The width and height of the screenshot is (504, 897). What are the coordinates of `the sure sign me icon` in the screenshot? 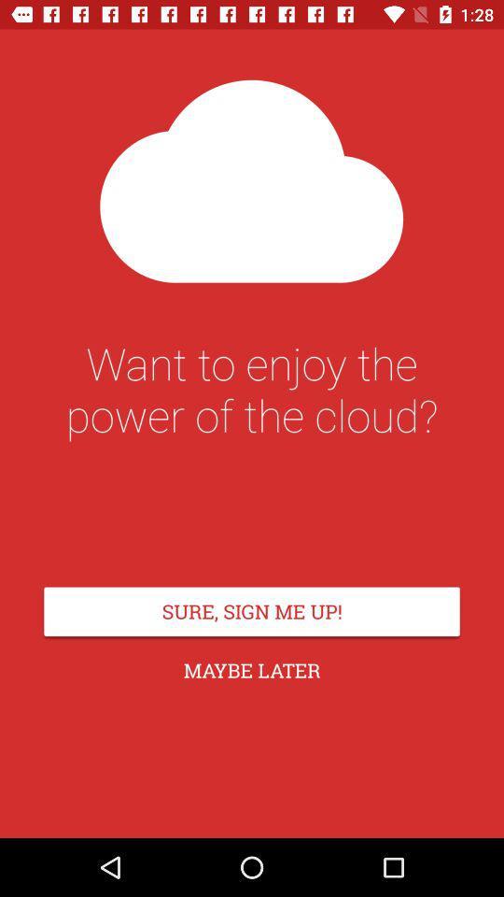 It's located at (252, 610).